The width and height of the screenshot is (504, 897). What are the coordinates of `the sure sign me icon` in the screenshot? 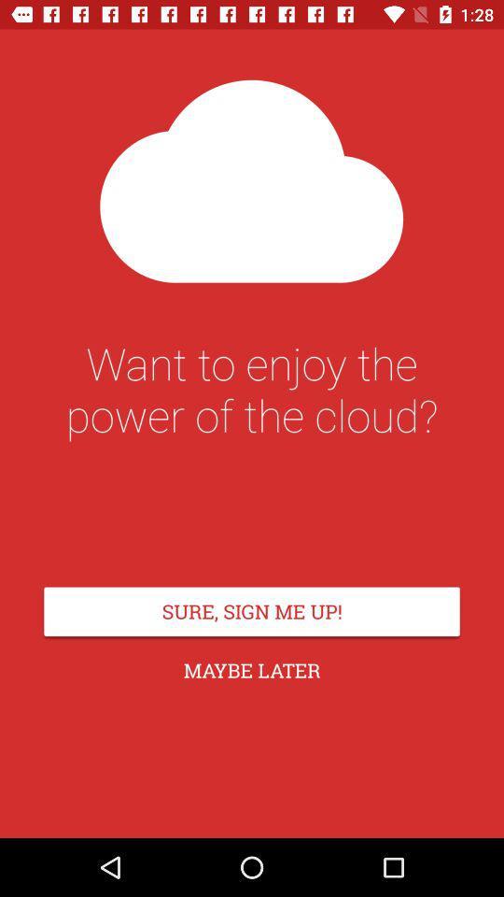 It's located at (252, 610).